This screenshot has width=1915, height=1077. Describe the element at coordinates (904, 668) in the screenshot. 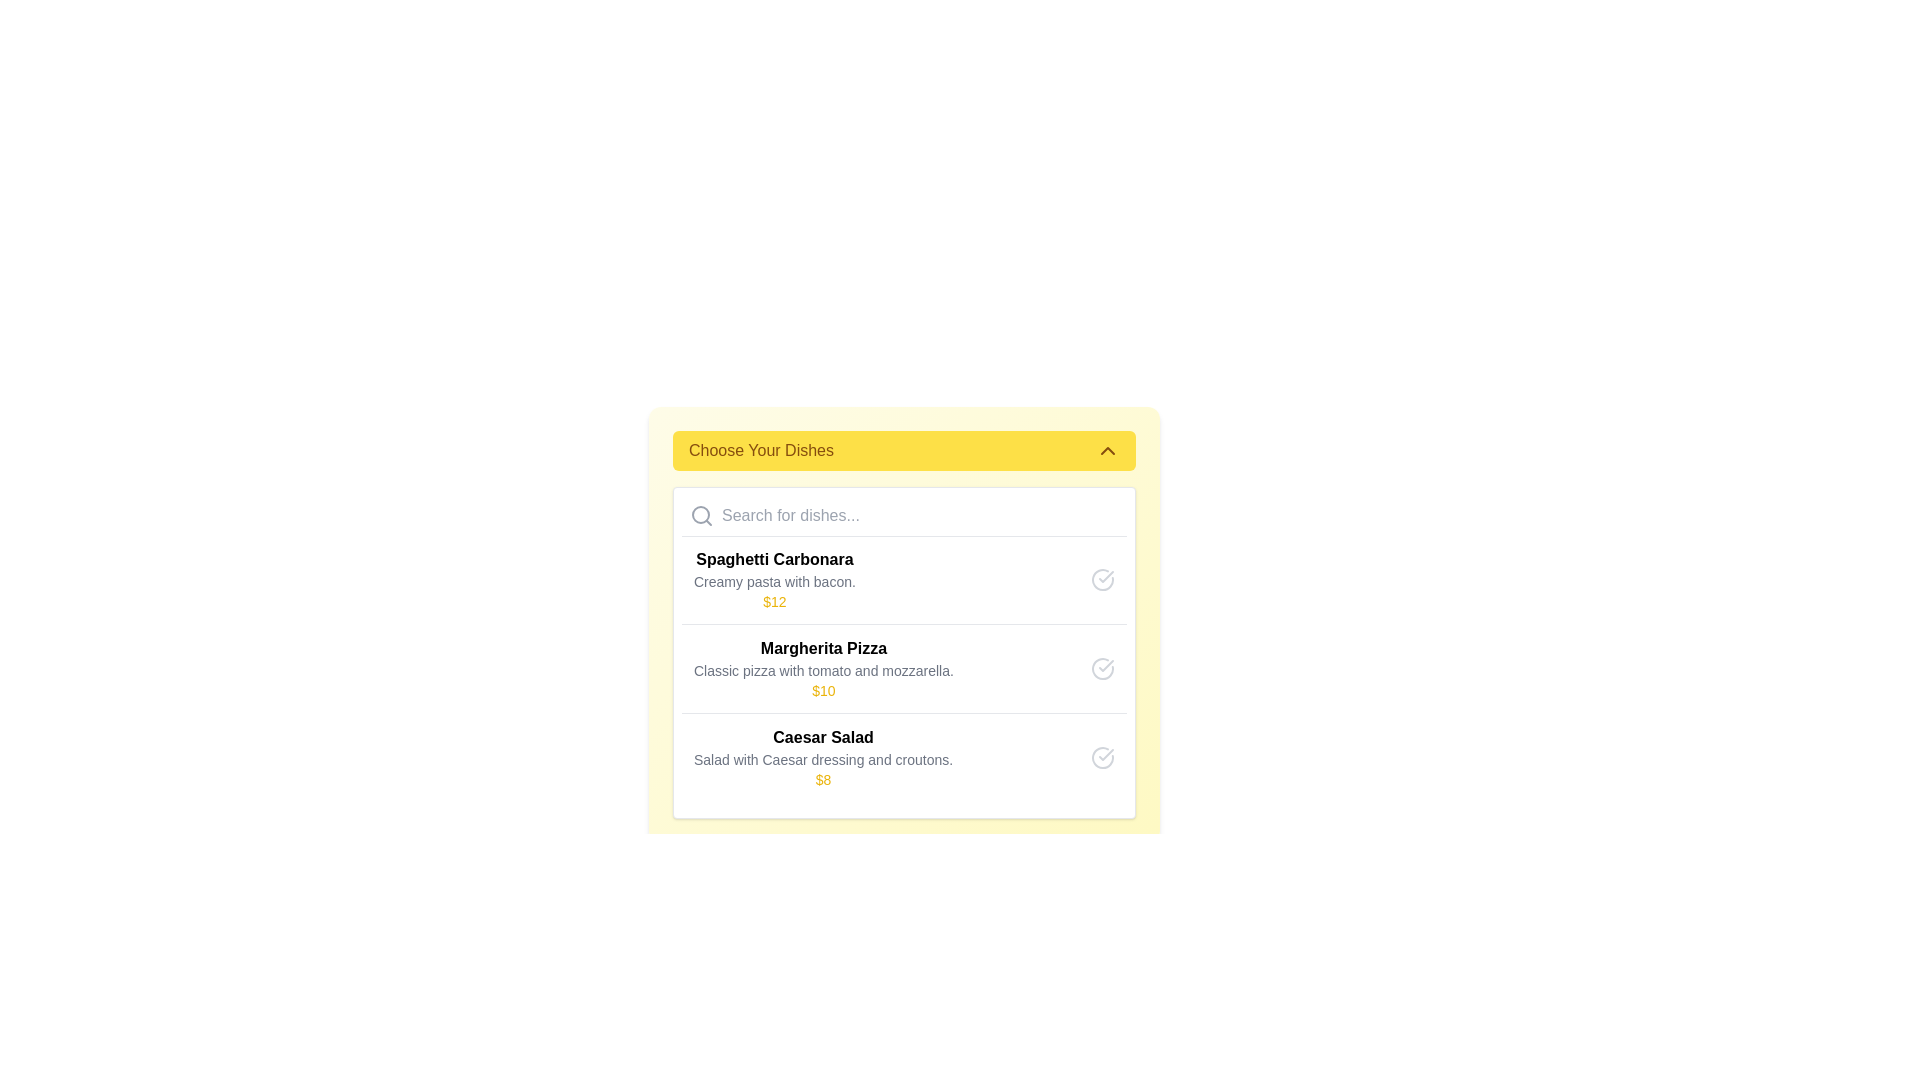

I see `the second menu item in the vertical list, which is positioned between 'Spaghetti Carbonara' and 'Caesar Salad'` at that location.